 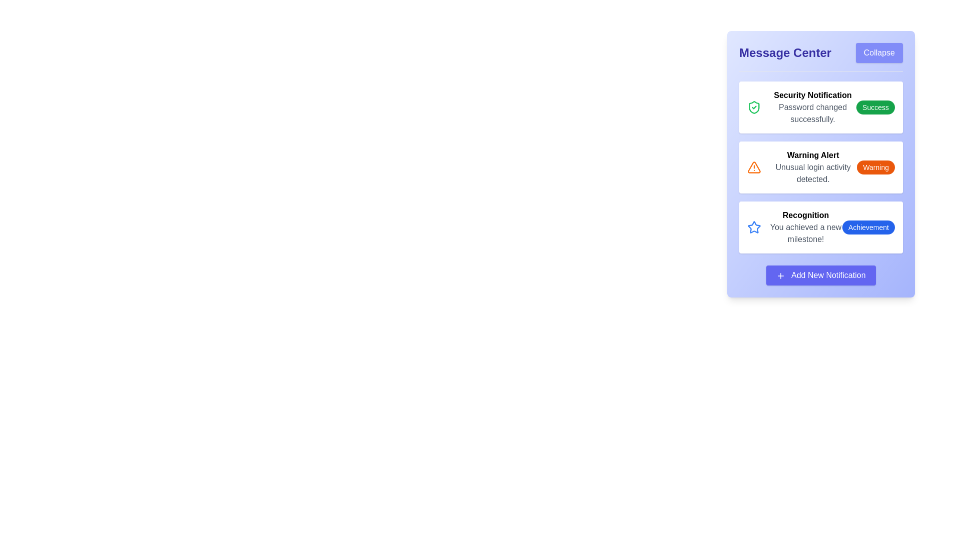 What do you see at coordinates (813, 113) in the screenshot?
I see `the text label that displays 'Password changed successfully.' positioned below the 'Security Notification' title and adjacent to the 'Success' badge` at bounding box center [813, 113].